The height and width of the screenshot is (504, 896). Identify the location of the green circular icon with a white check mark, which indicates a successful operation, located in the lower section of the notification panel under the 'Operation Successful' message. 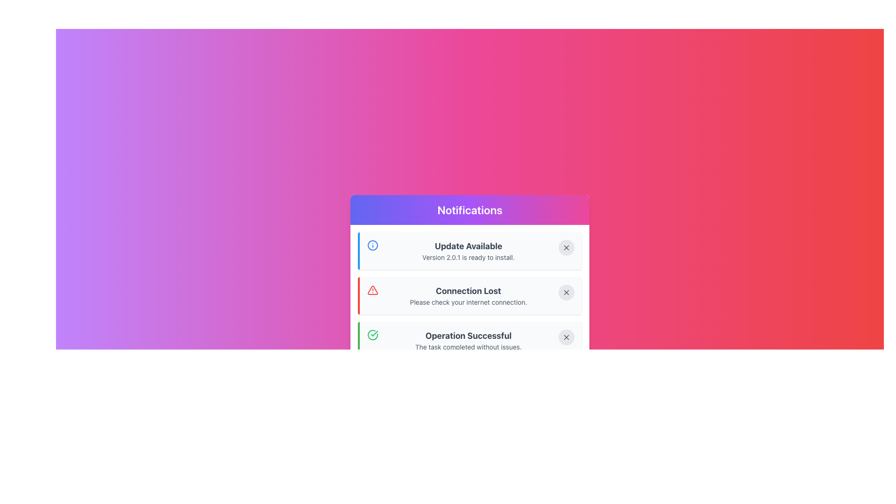
(372, 334).